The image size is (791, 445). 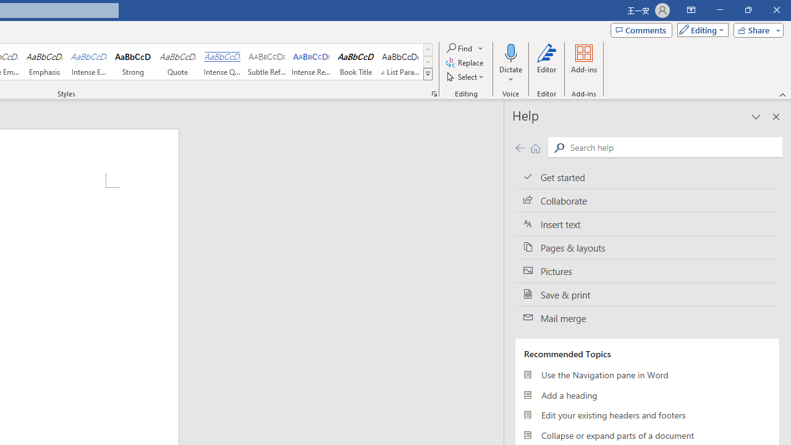 What do you see at coordinates (646, 224) in the screenshot?
I see `'Insert text'` at bounding box center [646, 224].